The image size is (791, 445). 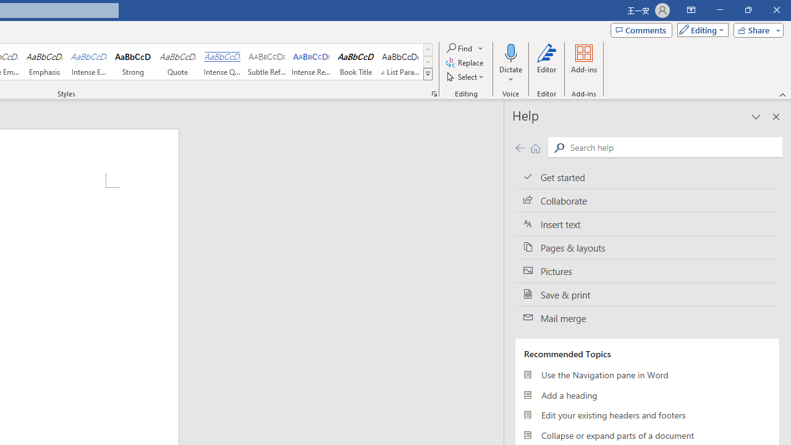 What do you see at coordinates (646, 224) in the screenshot?
I see `'Insert text'` at bounding box center [646, 224].